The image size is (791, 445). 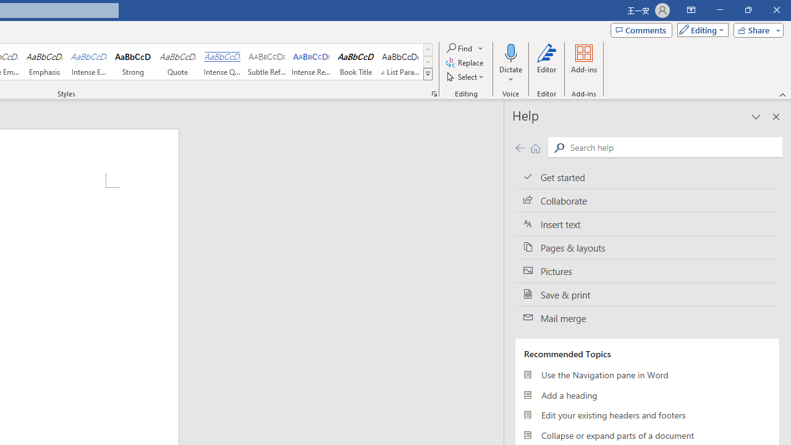 What do you see at coordinates (646, 224) in the screenshot?
I see `'Insert text'` at bounding box center [646, 224].